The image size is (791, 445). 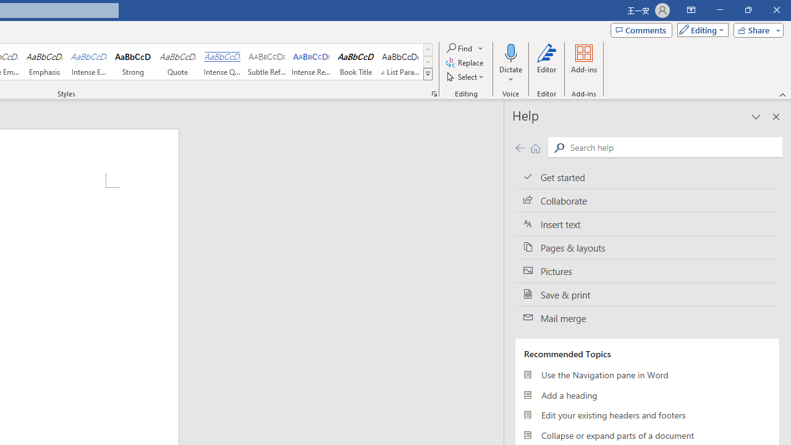 What do you see at coordinates (646, 224) in the screenshot?
I see `'Insert text'` at bounding box center [646, 224].